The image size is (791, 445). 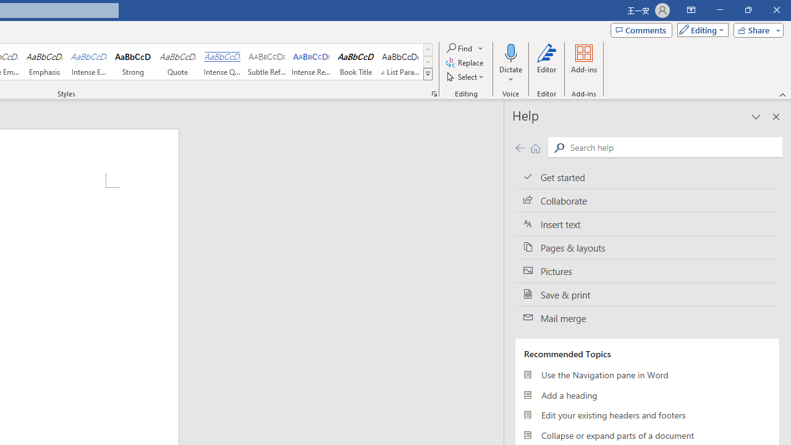 What do you see at coordinates (646, 224) in the screenshot?
I see `'Insert text'` at bounding box center [646, 224].